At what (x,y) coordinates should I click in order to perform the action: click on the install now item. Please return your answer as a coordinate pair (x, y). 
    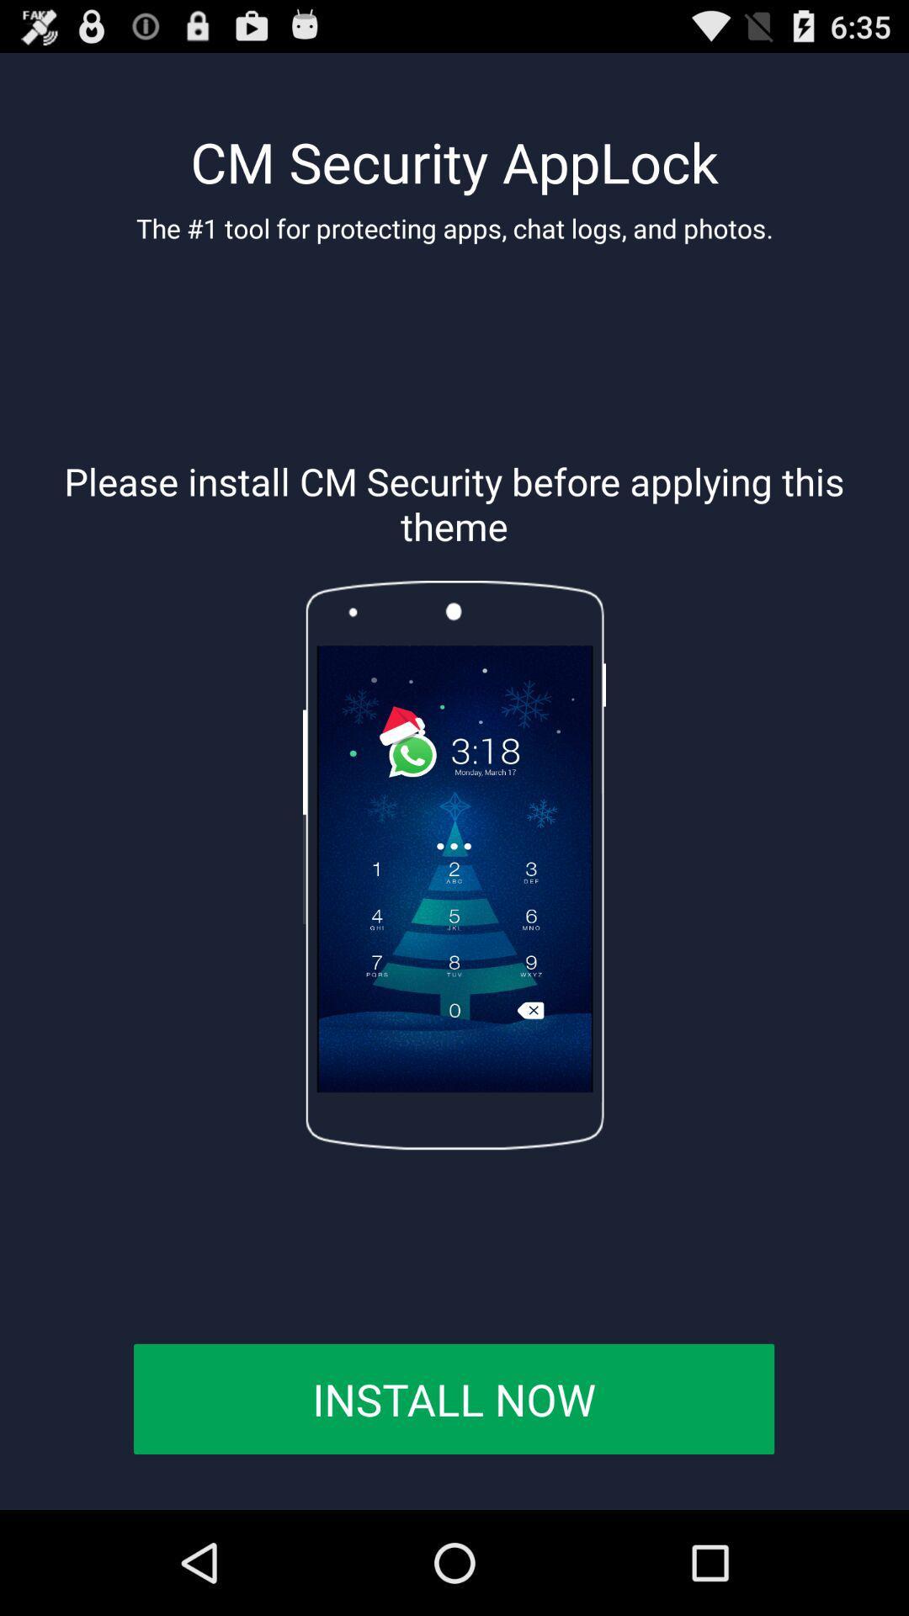
    Looking at the image, I should click on (453, 1399).